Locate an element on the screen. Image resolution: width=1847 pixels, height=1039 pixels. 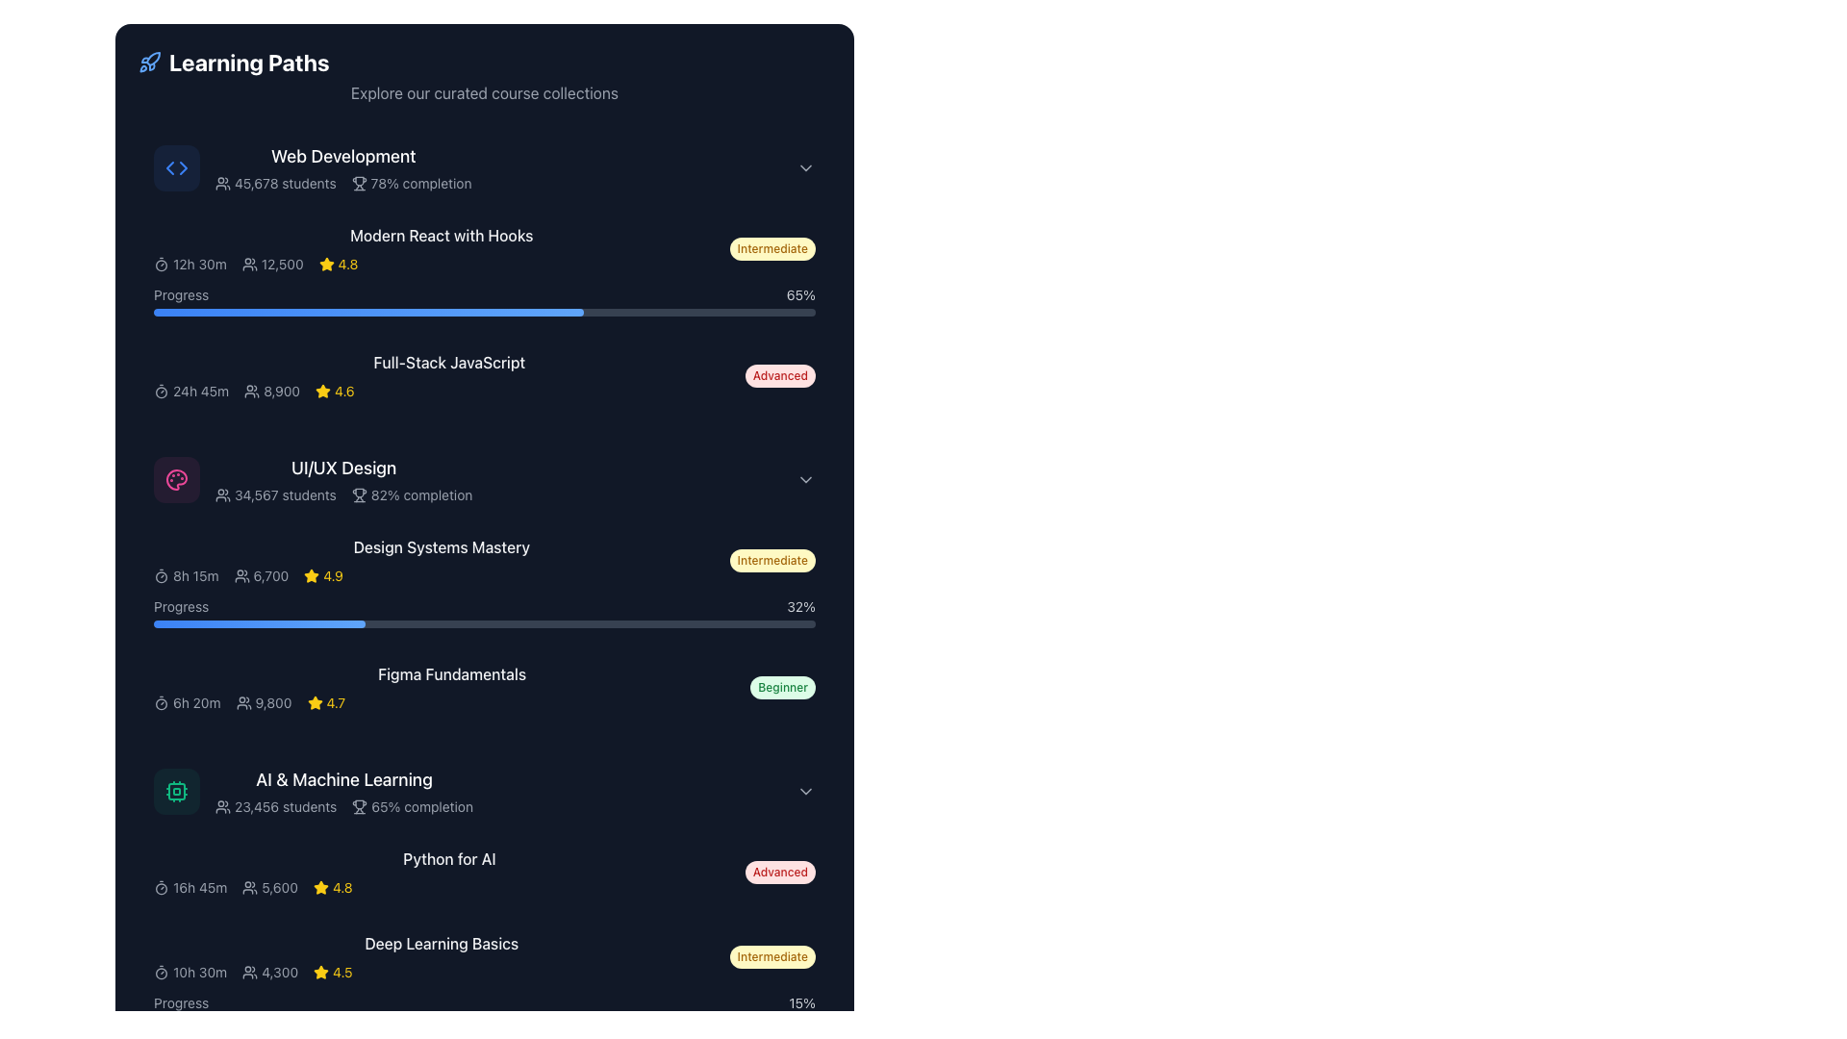
the top segment of the right arrow in the 'Web Development' section's SVG icon located in the top-left corner of the interface is located at coordinates (184, 166).